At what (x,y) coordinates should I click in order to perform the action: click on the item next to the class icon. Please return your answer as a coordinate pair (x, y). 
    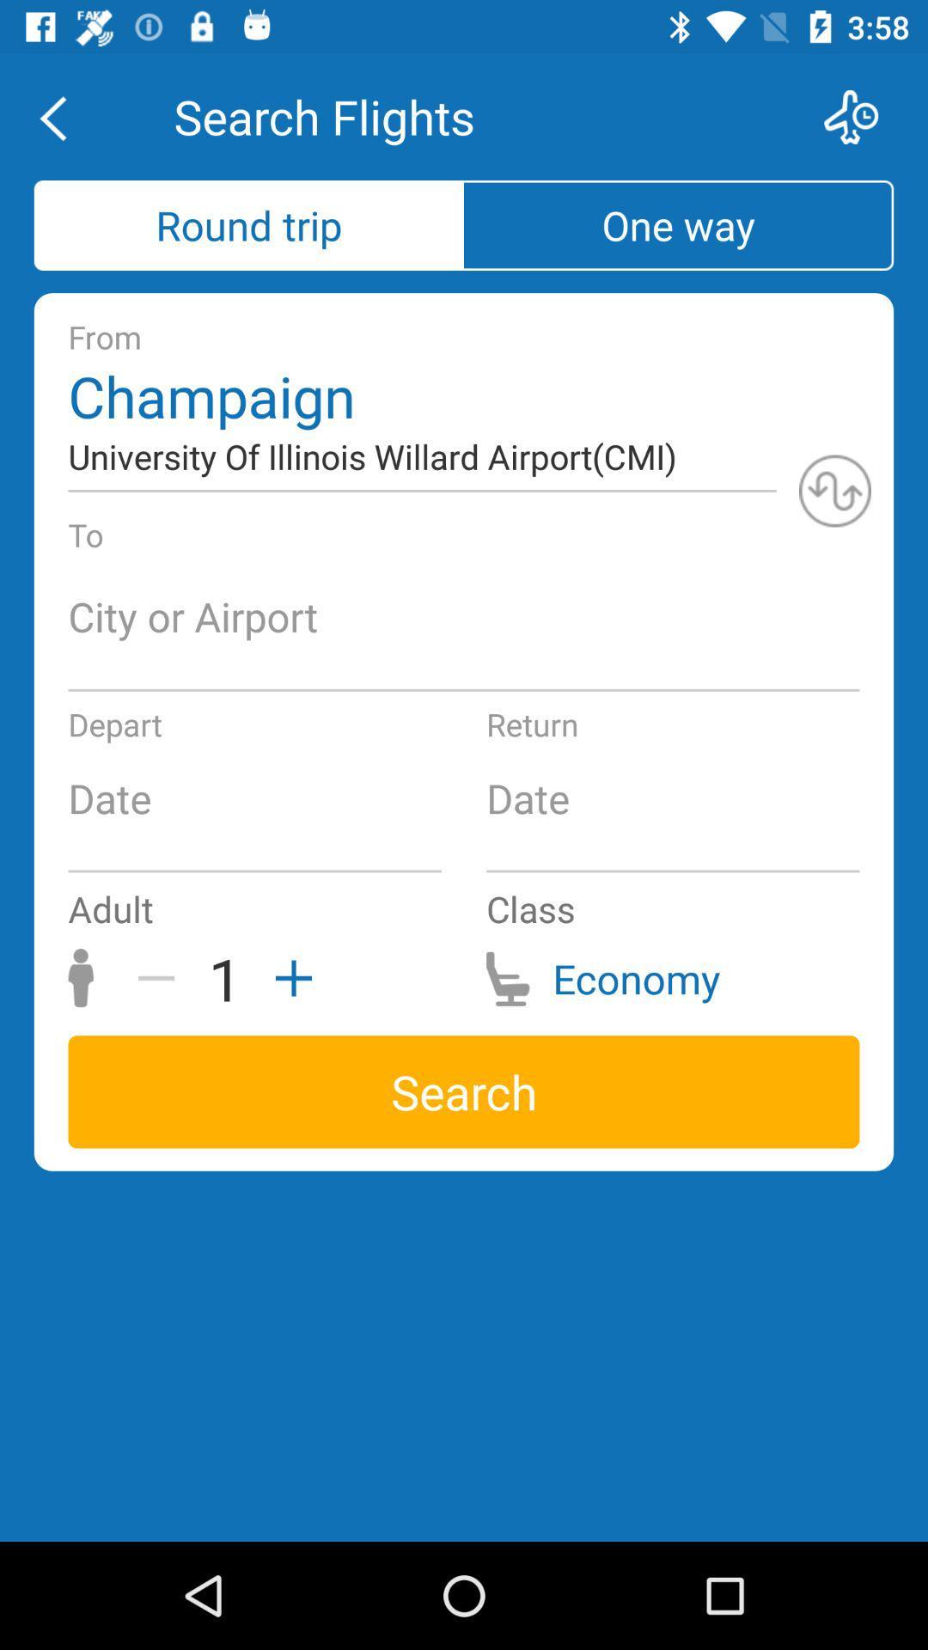
    Looking at the image, I should click on (287, 978).